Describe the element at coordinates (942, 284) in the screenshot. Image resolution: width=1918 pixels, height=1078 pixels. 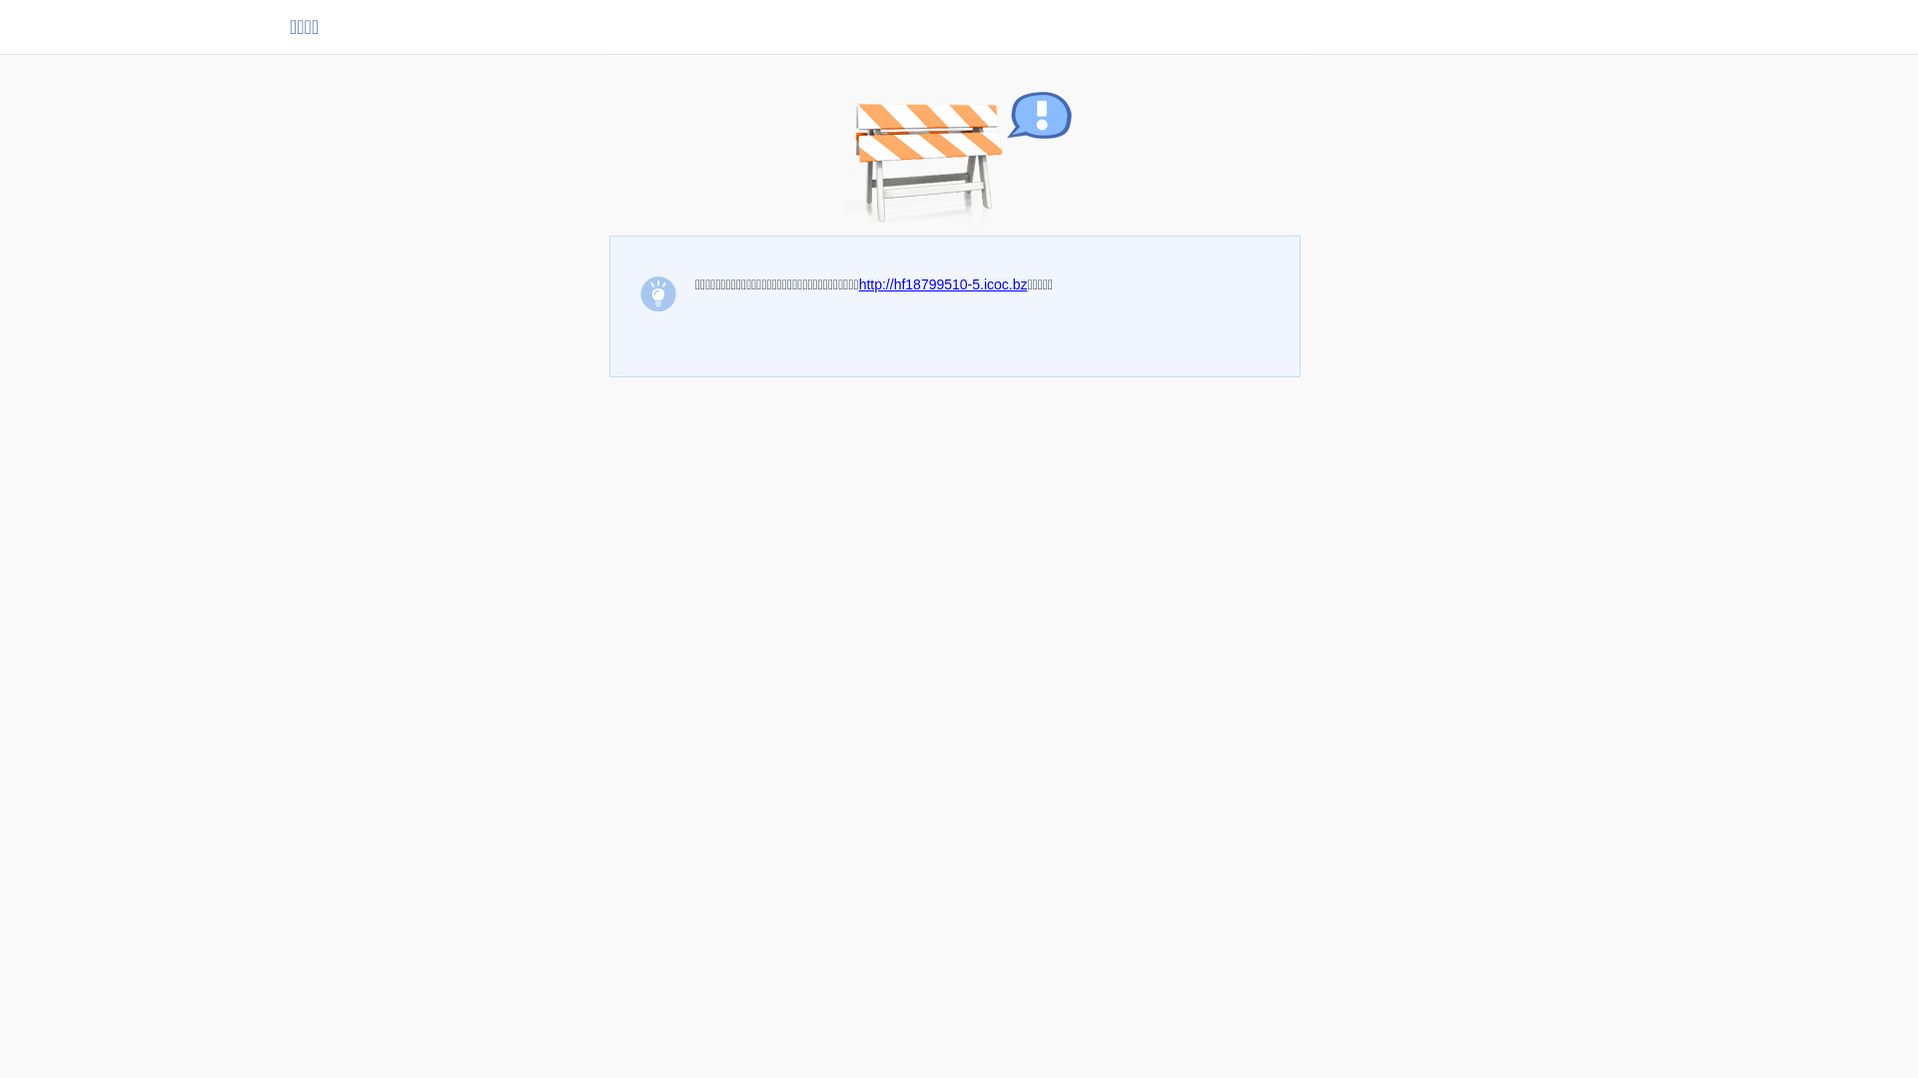
I see `'http://hf18799510-5.icoc.bz'` at that location.